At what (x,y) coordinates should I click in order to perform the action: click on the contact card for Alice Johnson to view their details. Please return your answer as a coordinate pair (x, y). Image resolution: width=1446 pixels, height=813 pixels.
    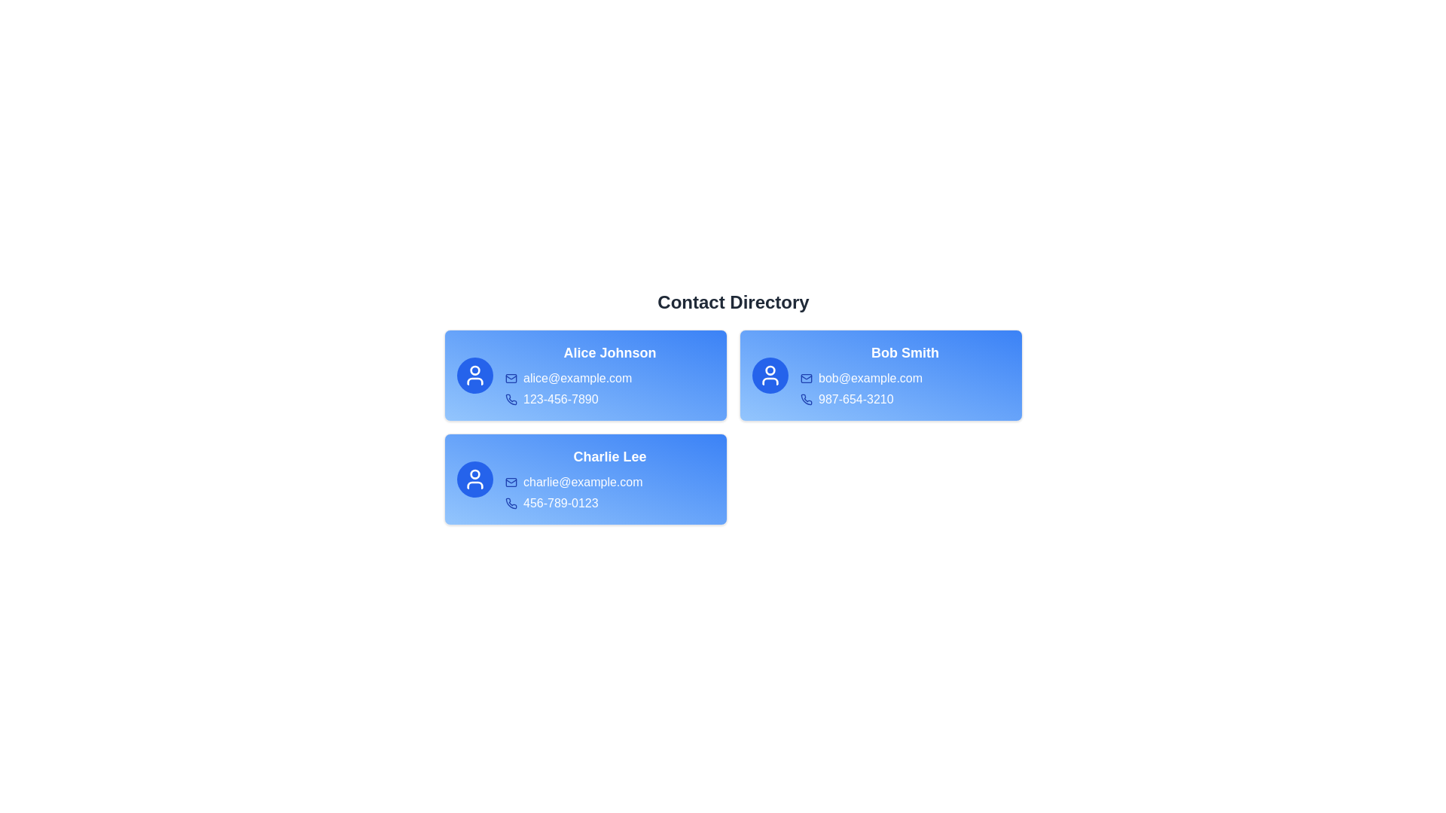
    Looking at the image, I should click on (584, 374).